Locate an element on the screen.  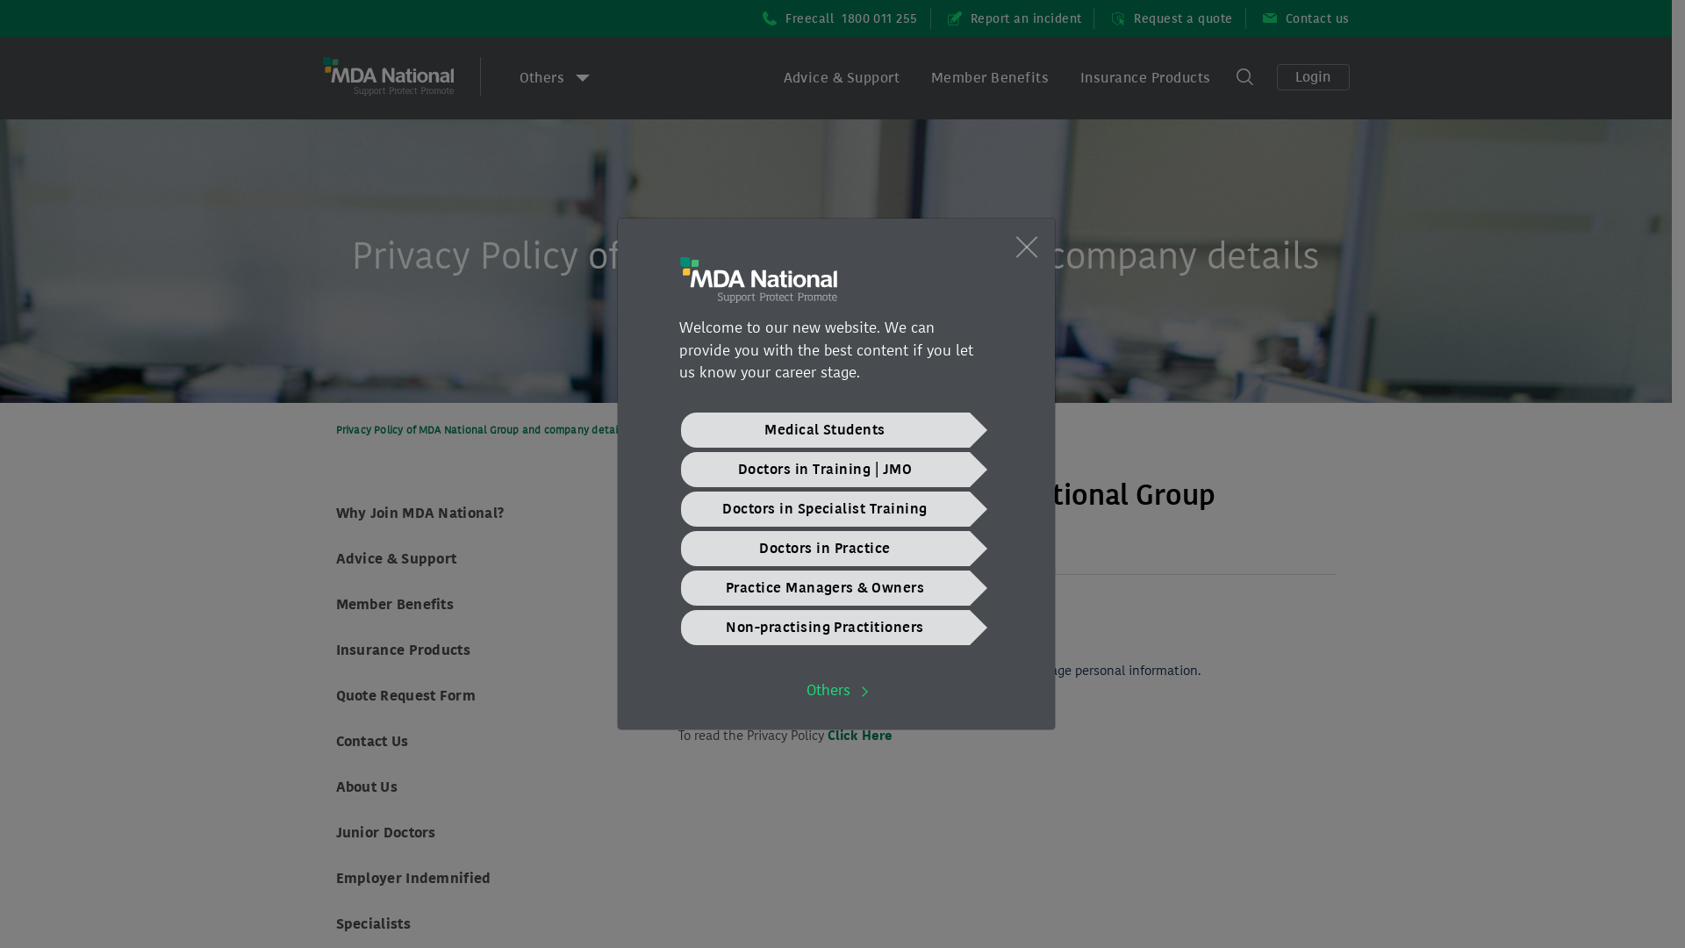
'Click Here' is located at coordinates (859, 735).